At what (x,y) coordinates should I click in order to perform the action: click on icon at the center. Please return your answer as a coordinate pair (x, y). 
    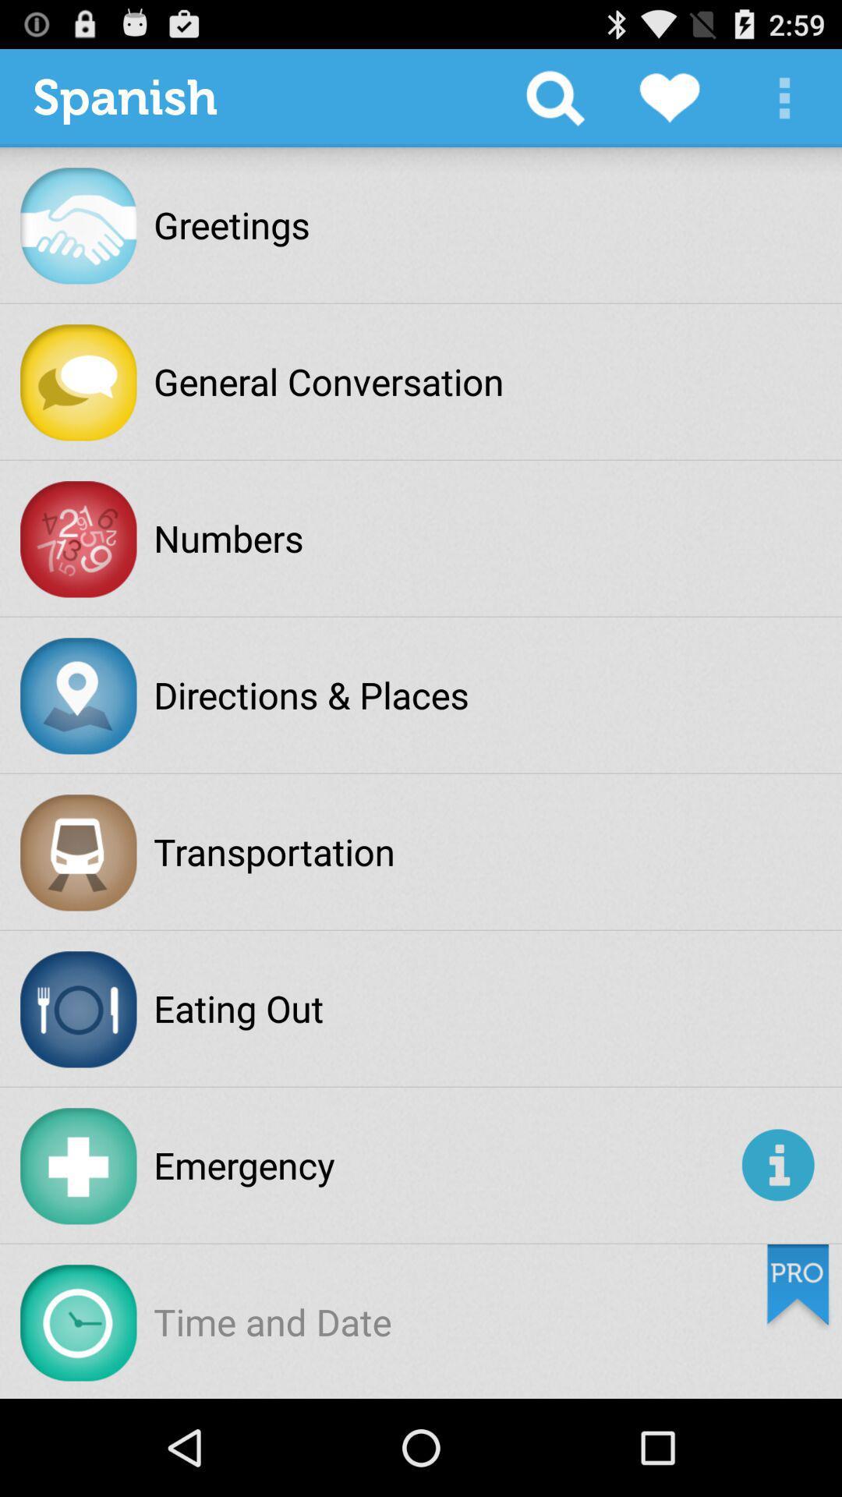
    Looking at the image, I should click on (311, 694).